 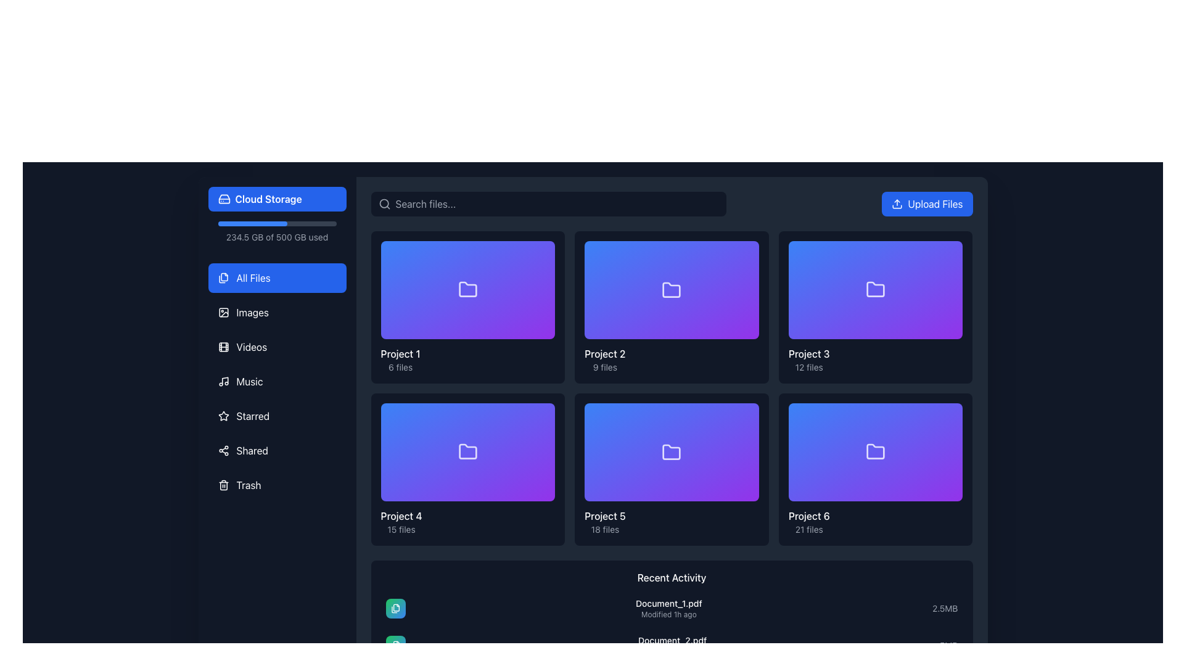 I want to click on the folder icon in the second card of the first row, so click(x=671, y=290).